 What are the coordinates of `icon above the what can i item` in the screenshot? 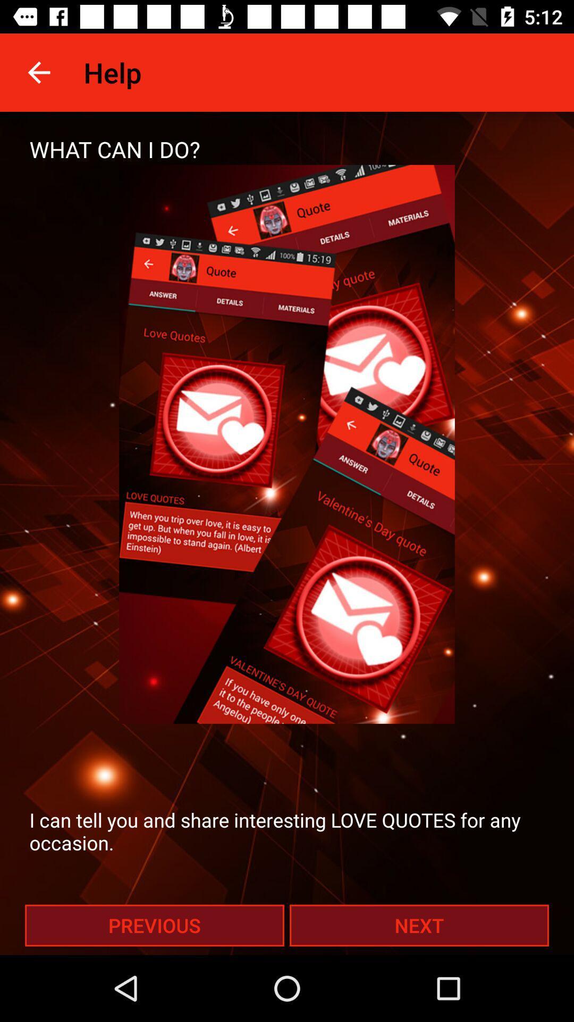 It's located at (38, 72).